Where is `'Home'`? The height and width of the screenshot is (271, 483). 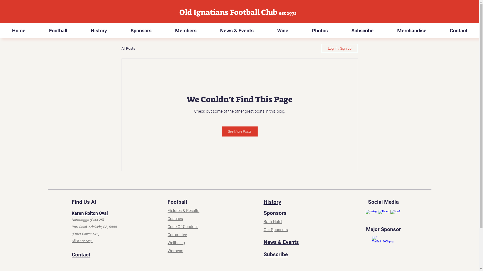 'Home' is located at coordinates (18, 31).